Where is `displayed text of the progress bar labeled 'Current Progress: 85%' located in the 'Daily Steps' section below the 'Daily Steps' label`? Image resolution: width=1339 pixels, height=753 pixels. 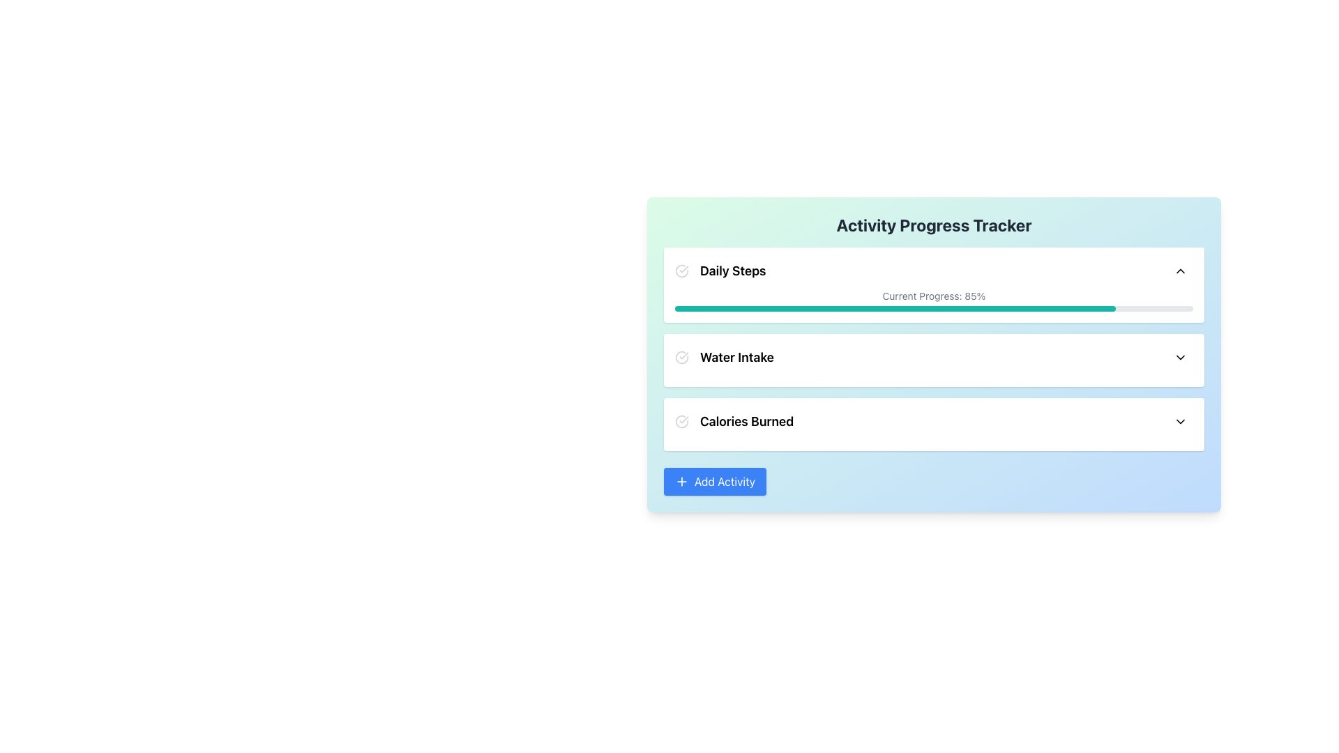
displayed text of the progress bar labeled 'Current Progress: 85%' located in the 'Daily Steps' section below the 'Daily Steps' label is located at coordinates (934, 300).